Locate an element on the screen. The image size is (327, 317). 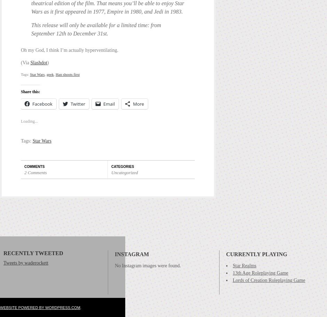
'Star Realms' is located at coordinates (244, 263).